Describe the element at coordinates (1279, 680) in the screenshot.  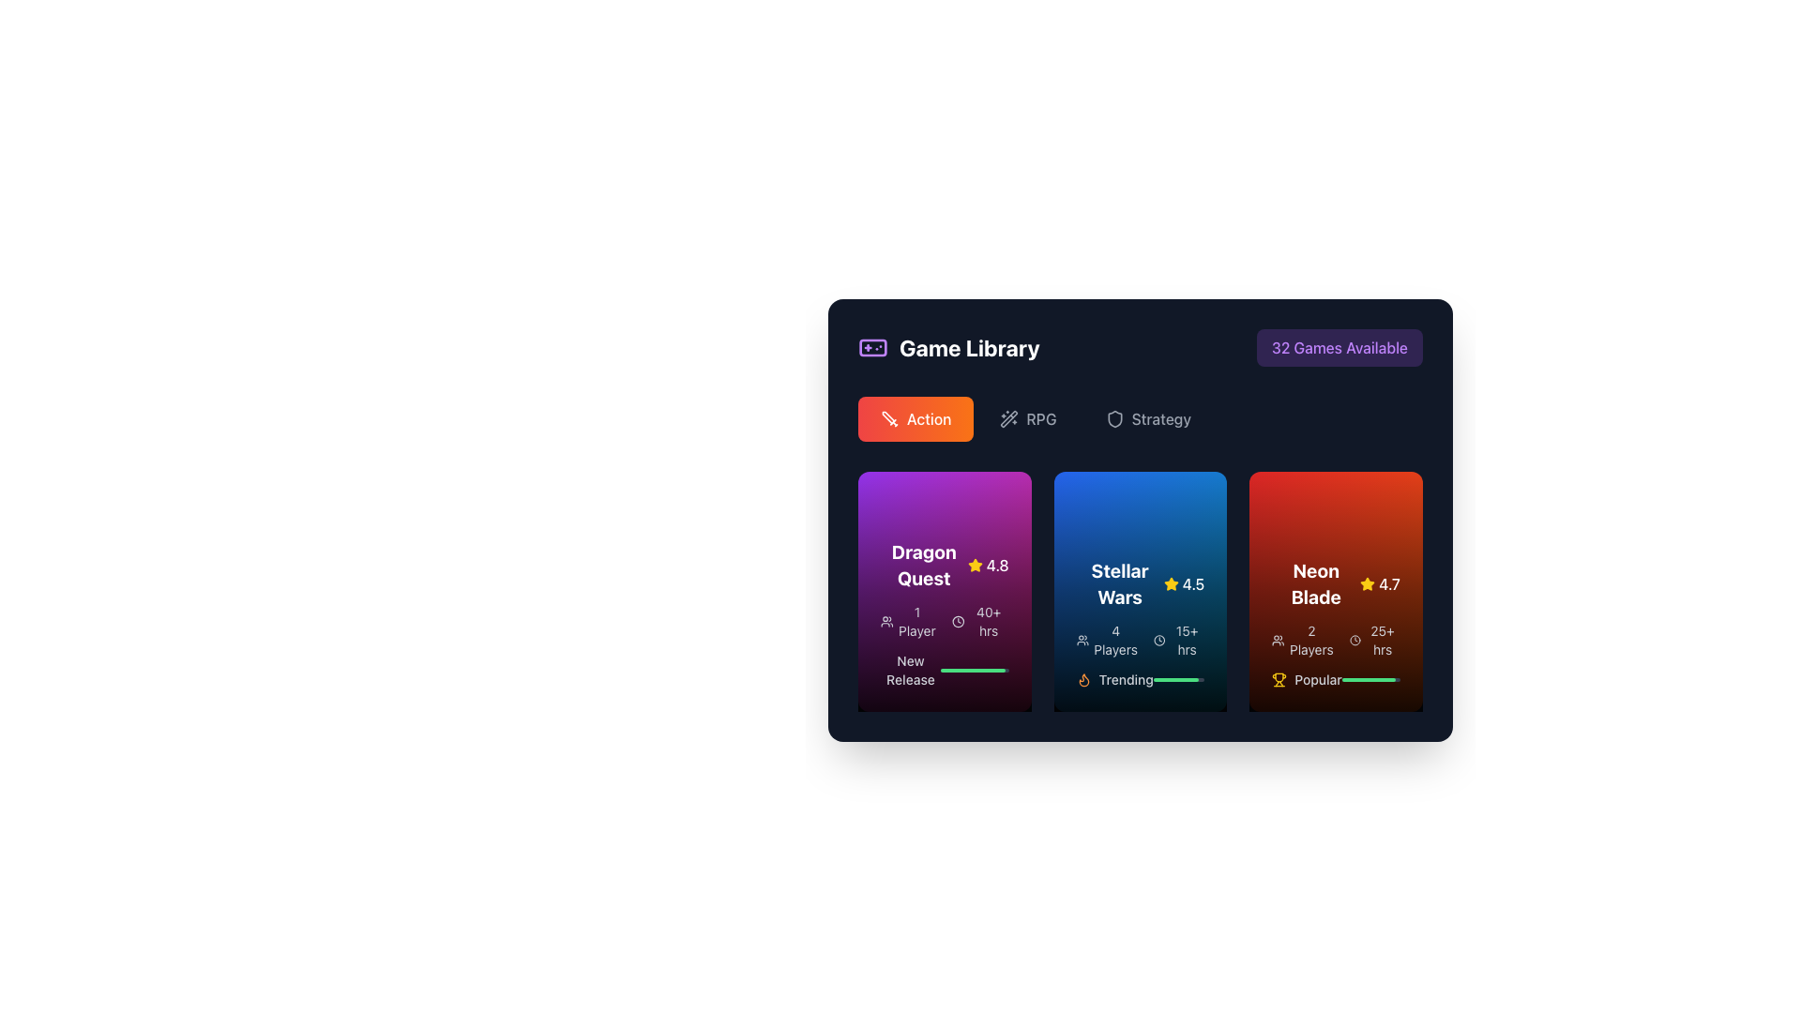
I see `the yellow outlined trophy icon located at the bottom-right of the 'Neon Blade' list card under 'Popular'` at that location.